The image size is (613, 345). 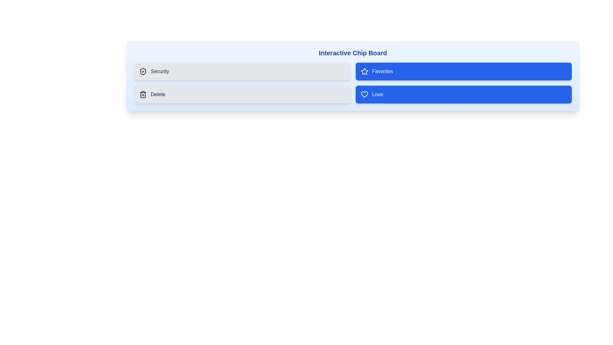 I want to click on the chip labeled Security to observe the hover effect, so click(x=242, y=71).